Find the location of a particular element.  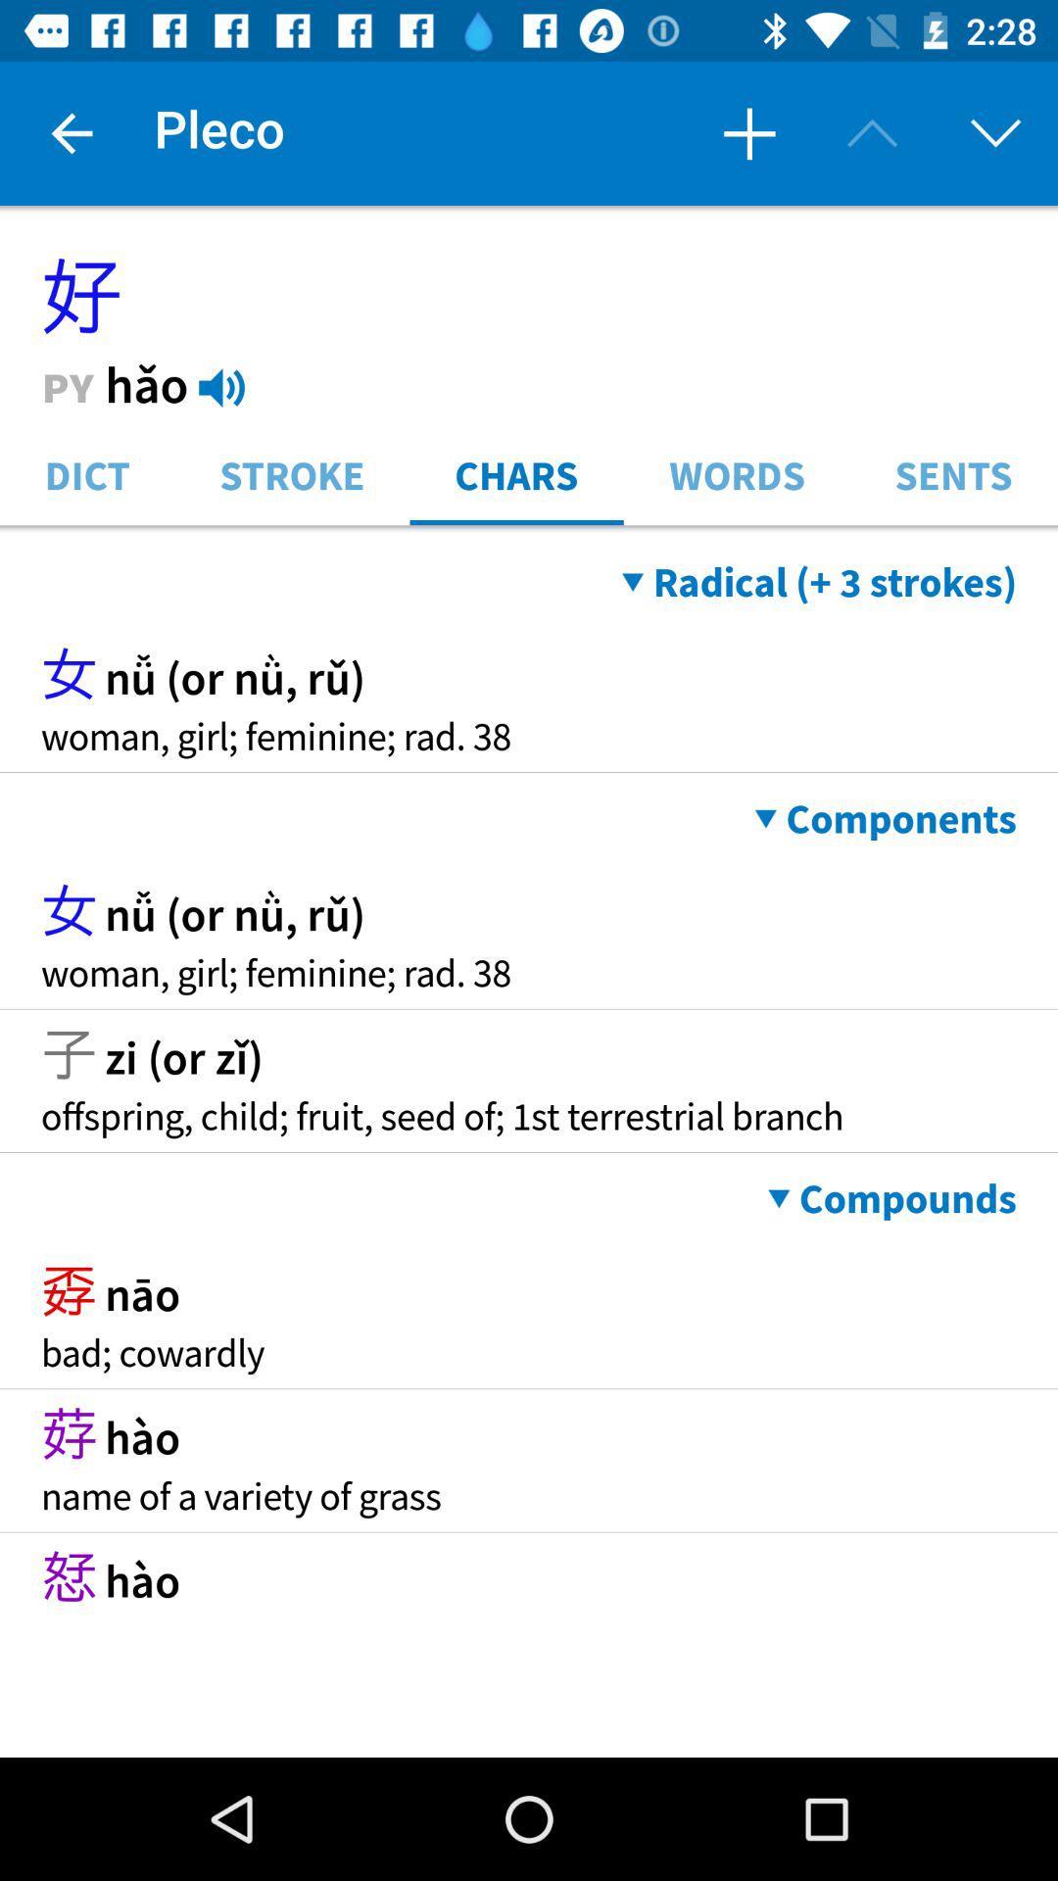

the  radical (+ 3 strokes) icon is located at coordinates (819, 581).